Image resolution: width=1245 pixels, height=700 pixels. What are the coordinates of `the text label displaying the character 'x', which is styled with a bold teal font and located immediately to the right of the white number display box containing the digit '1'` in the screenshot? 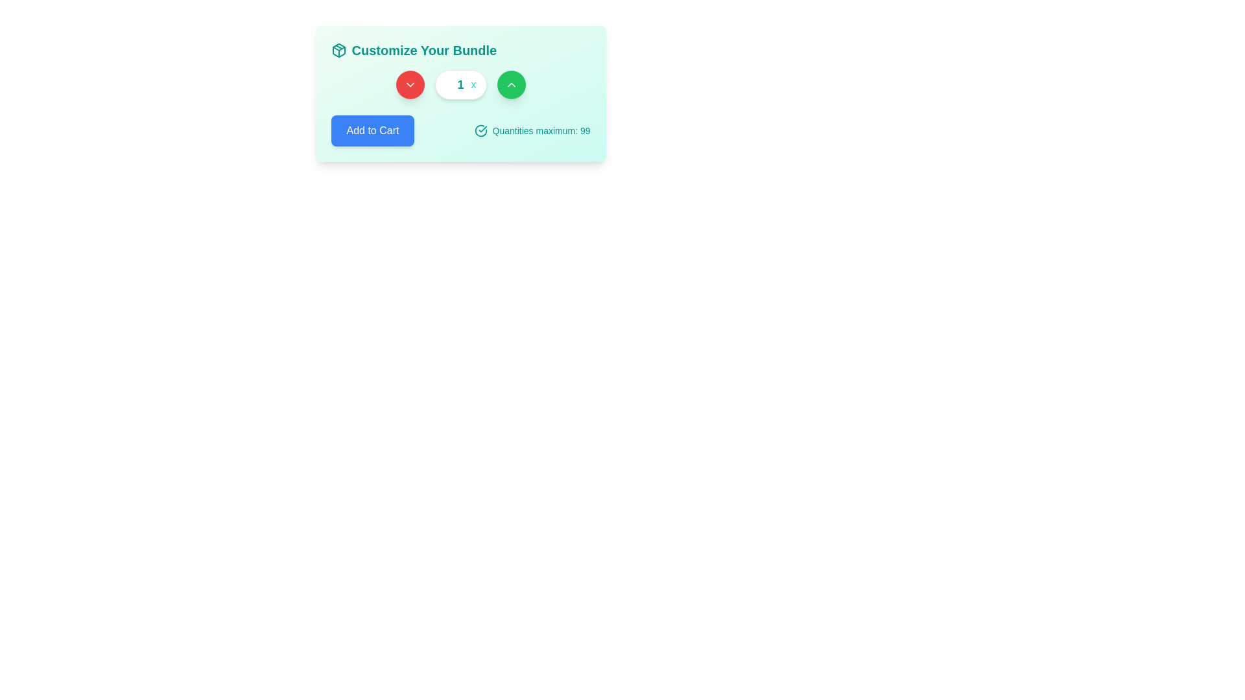 It's located at (460, 85).